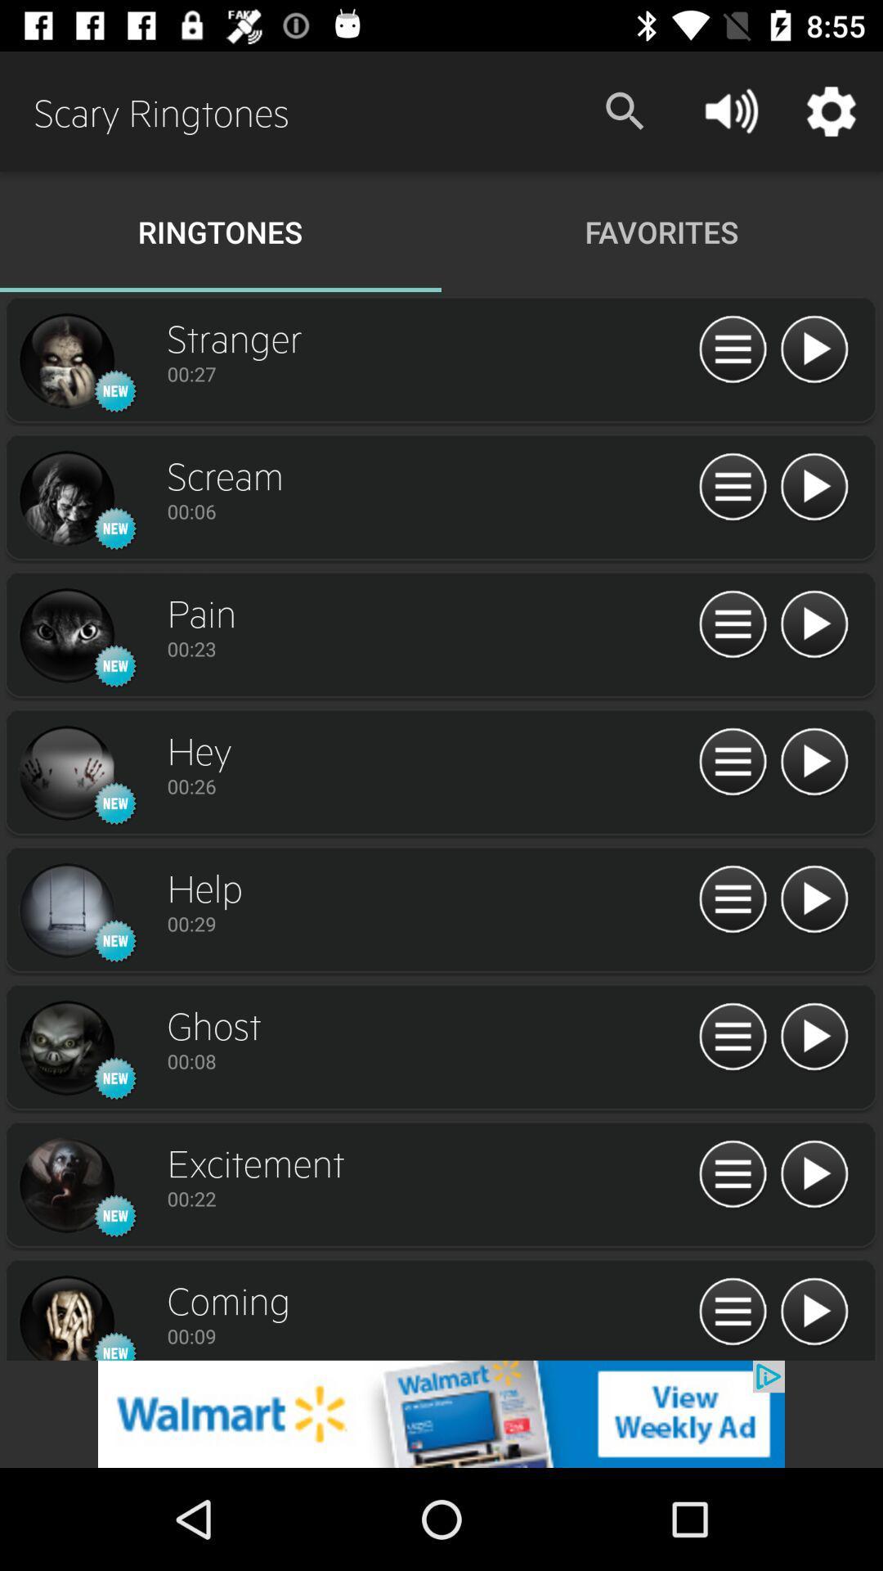 This screenshot has width=883, height=1571. What do you see at coordinates (814, 762) in the screenshot?
I see `click play button` at bounding box center [814, 762].